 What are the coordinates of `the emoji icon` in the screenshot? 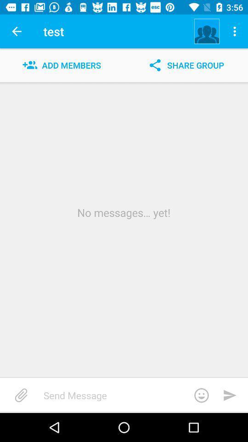 It's located at (201, 395).